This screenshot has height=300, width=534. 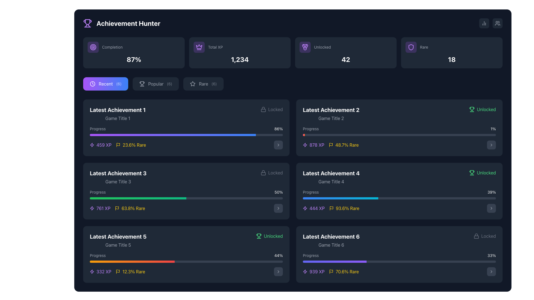 What do you see at coordinates (92, 144) in the screenshot?
I see `the lightning bolt icon representing energy metrics in the 'Latest Achievement 3' section, located at the bottom-right of the interface` at bounding box center [92, 144].